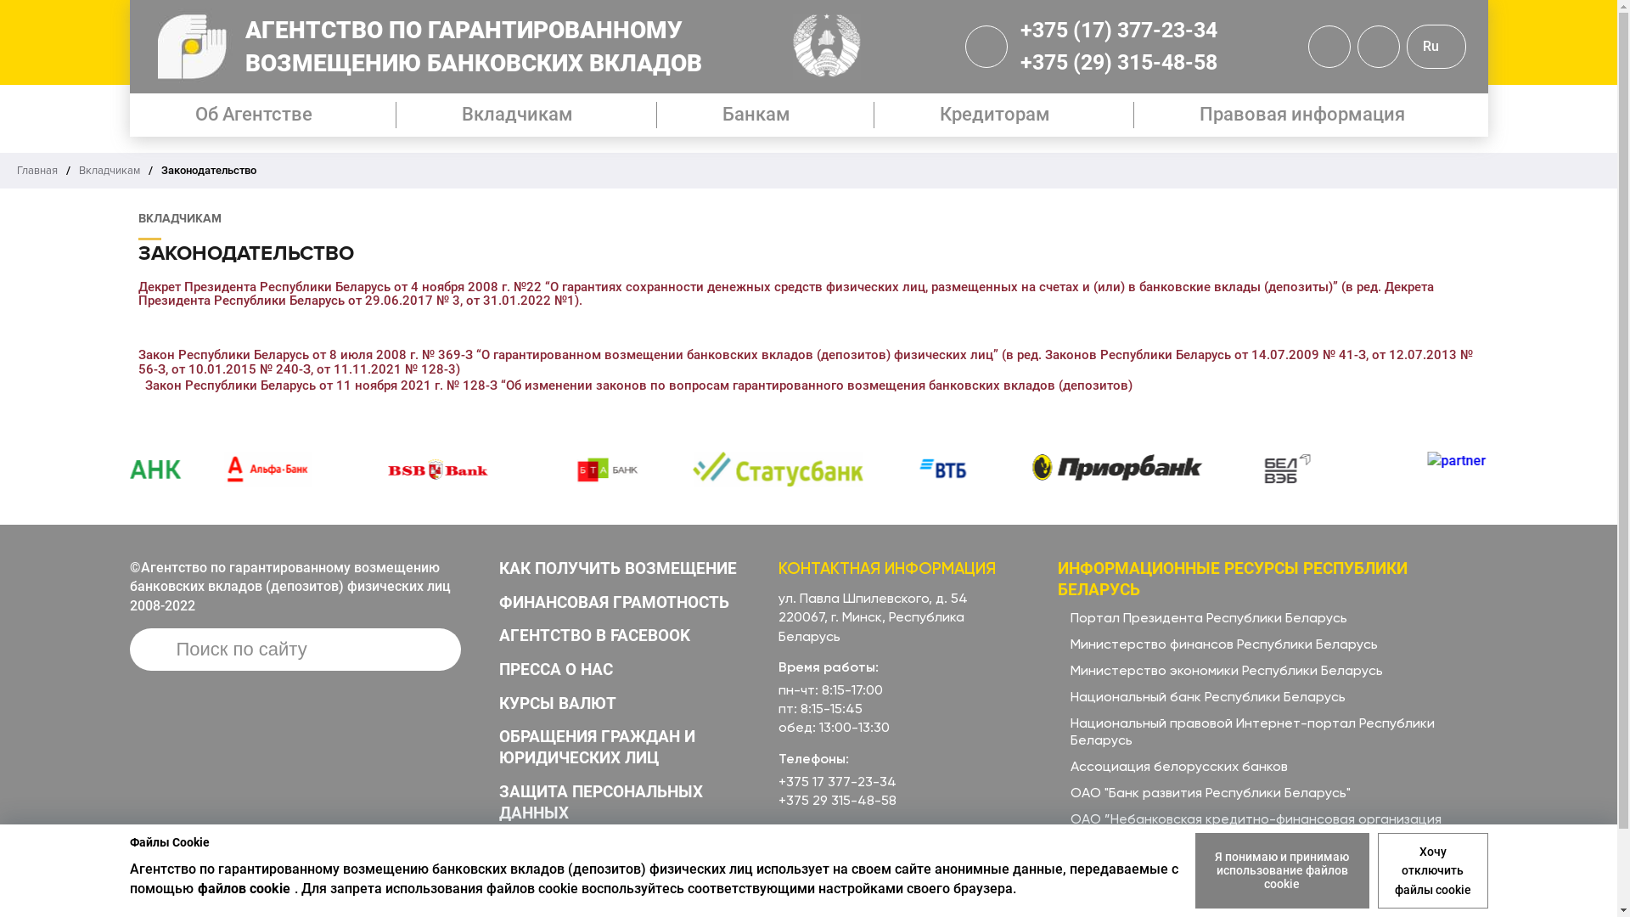 The height and width of the screenshot is (917, 1630). What do you see at coordinates (837, 800) in the screenshot?
I see `'+375 29 315-48-58'` at bounding box center [837, 800].